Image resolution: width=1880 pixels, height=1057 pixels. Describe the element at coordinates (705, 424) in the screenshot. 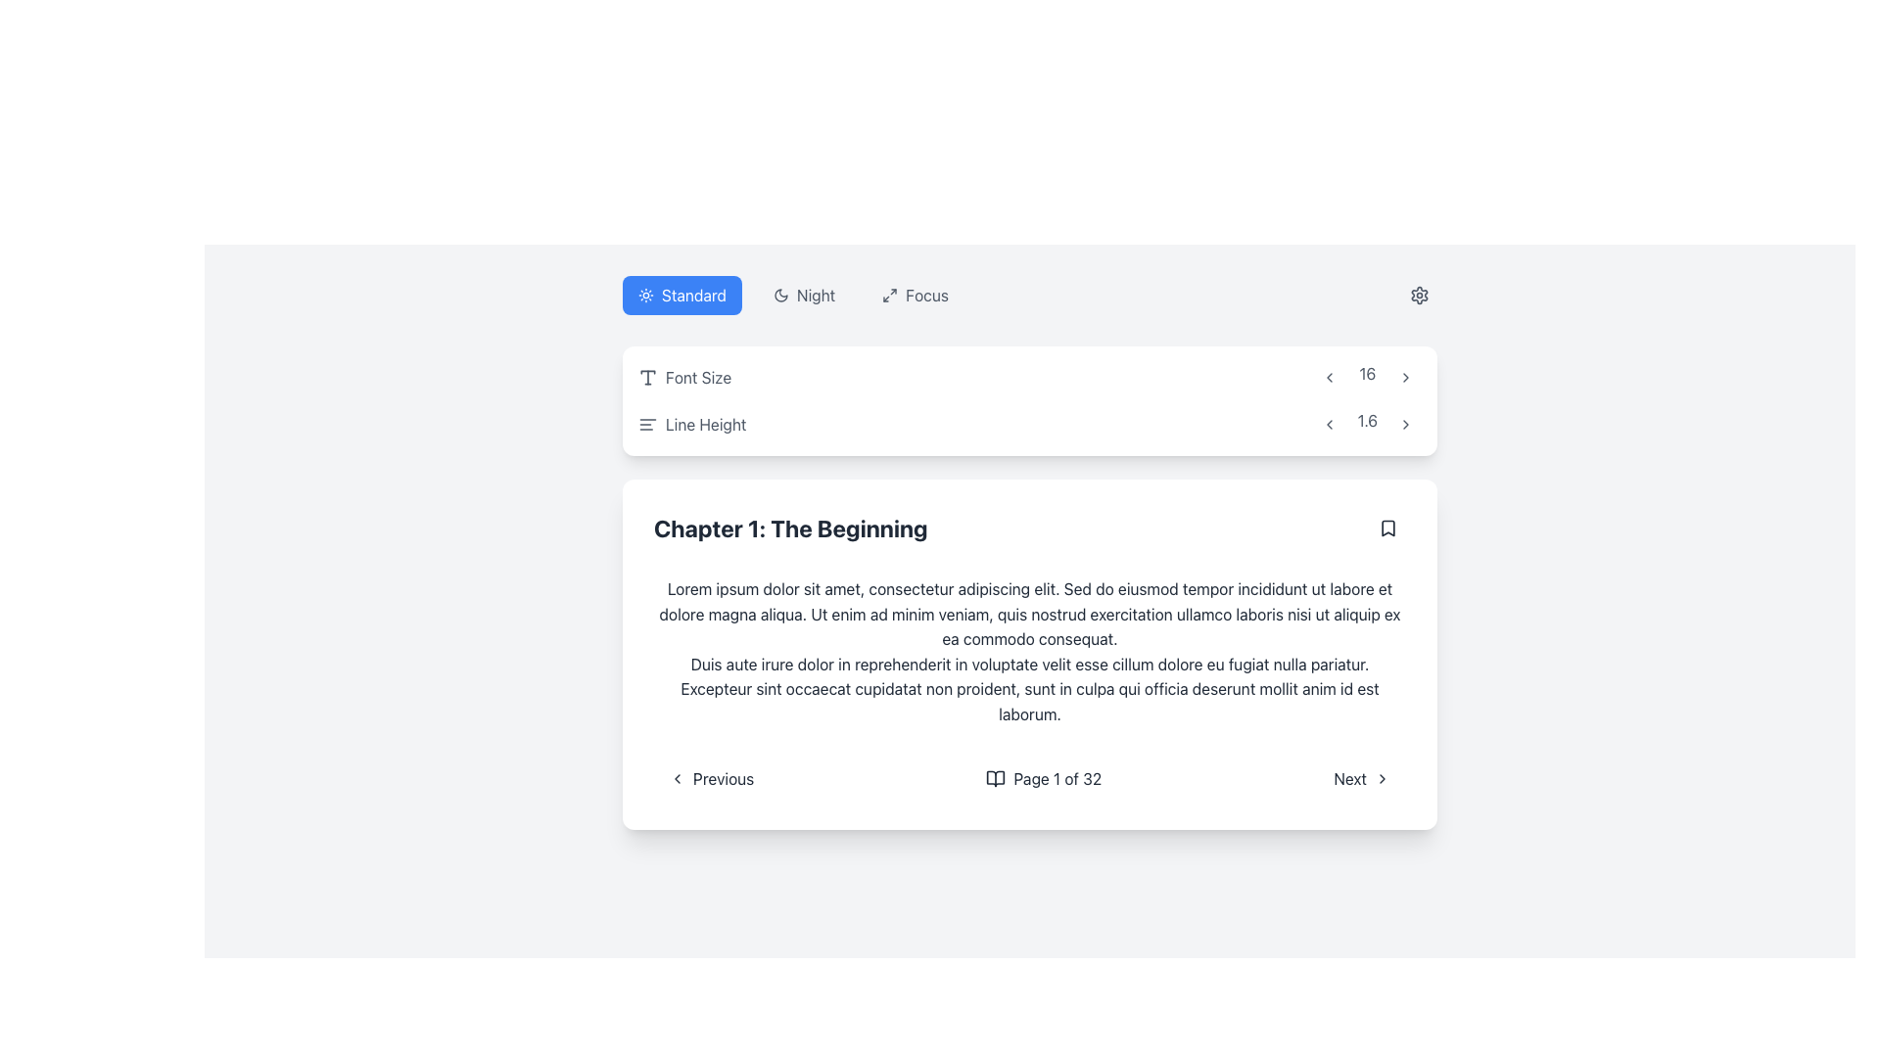

I see `the text label displaying 'Line Height' in gray font color` at that location.